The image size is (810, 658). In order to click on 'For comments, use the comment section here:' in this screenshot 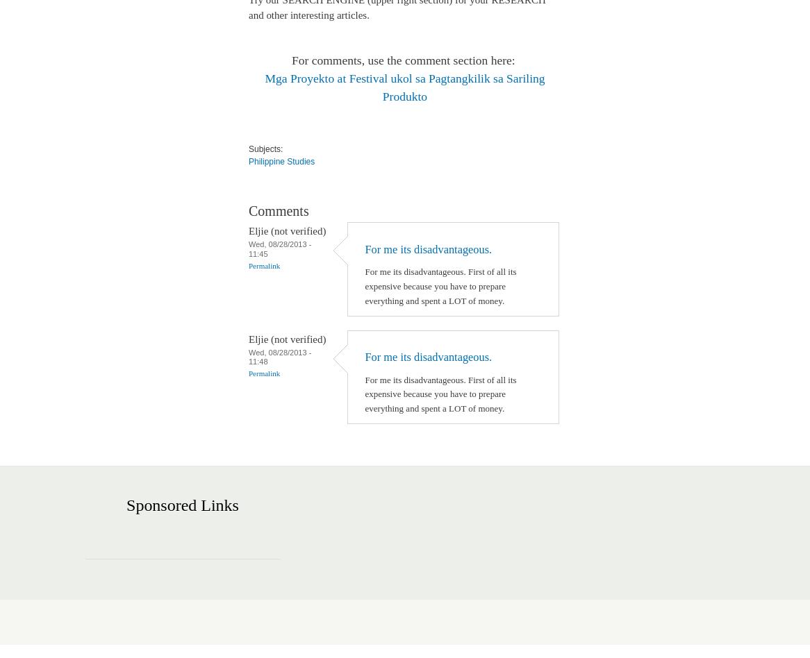, I will do `click(404, 59)`.